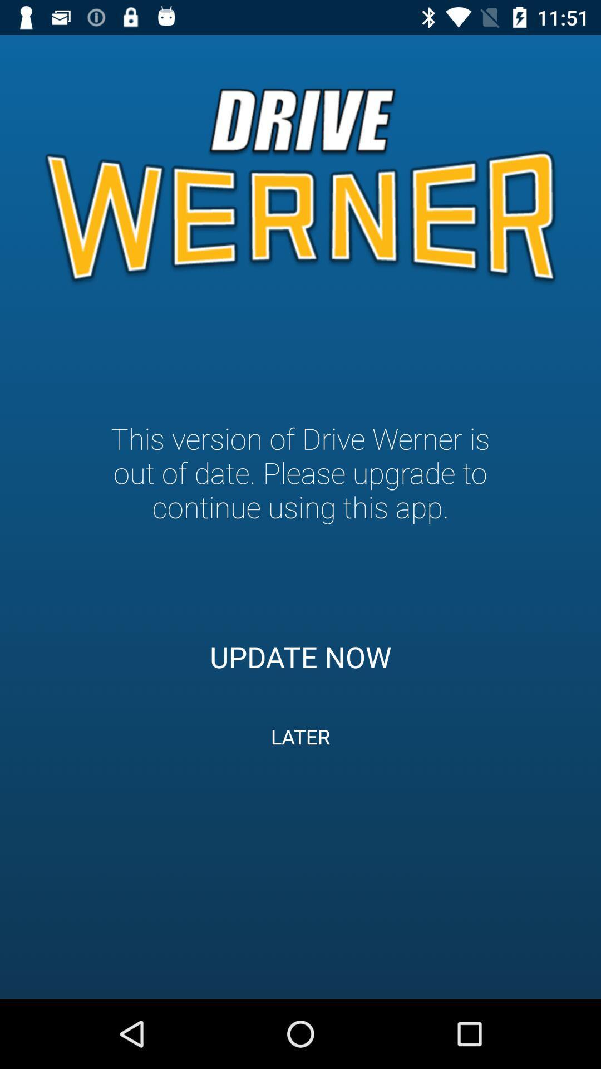 The image size is (601, 1069). I want to click on later item, so click(300, 737).